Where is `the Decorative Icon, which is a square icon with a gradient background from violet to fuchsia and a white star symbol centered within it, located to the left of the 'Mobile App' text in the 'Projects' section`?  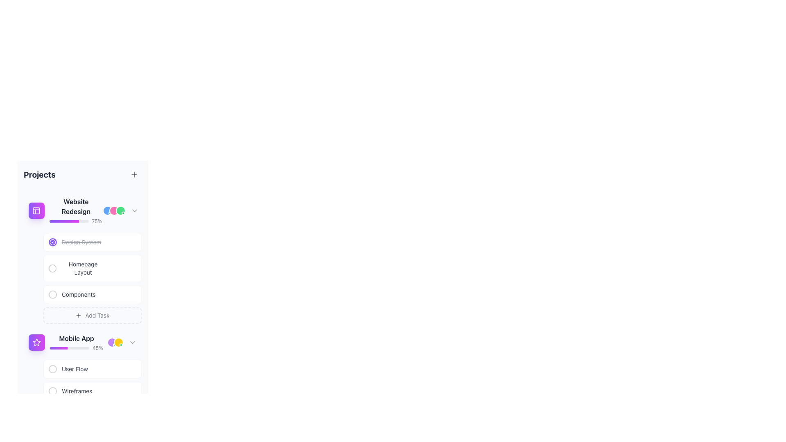 the Decorative Icon, which is a square icon with a gradient background from violet to fuchsia and a white star symbol centered within it, located to the left of the 'Mobile App' text in the 'Projects' section is located at coordinates (36, 343).